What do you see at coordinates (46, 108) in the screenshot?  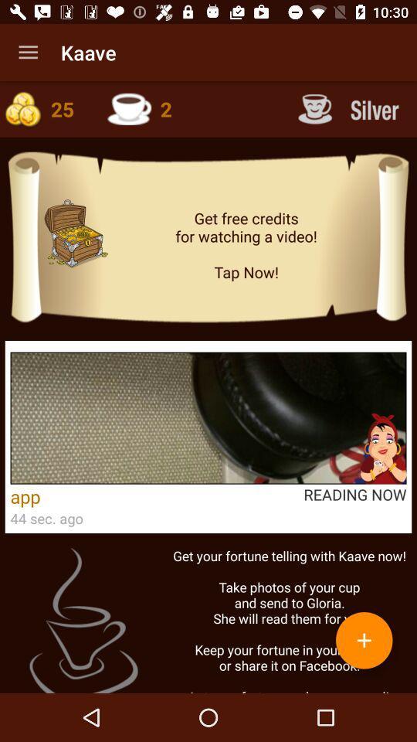 I see `check coins` at bounding box center [46, 108].